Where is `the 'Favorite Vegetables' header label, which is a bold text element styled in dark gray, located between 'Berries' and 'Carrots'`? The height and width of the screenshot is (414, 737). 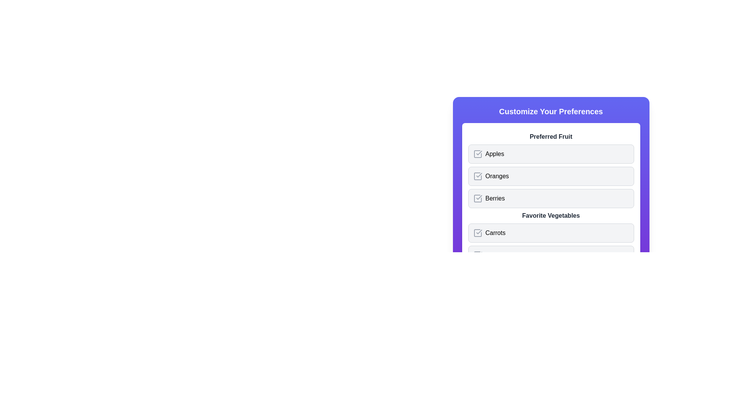
the 'Favorite Vegetables' header label, which is a bold text element styled in dark gray, located between 'Berries' and 'Carrots' is located at coordinates (550, 216).